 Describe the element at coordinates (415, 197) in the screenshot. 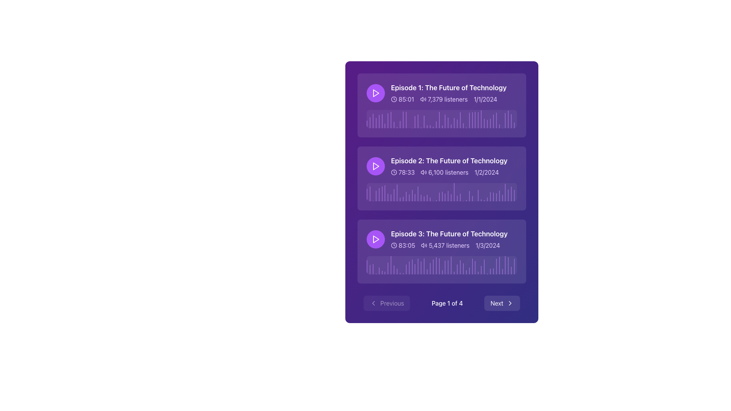

I see `the 17th slim vertical purple bar in the 'Episode 2' waveform visualization, which serves as a decorative indicator within the waveform component` at that location.